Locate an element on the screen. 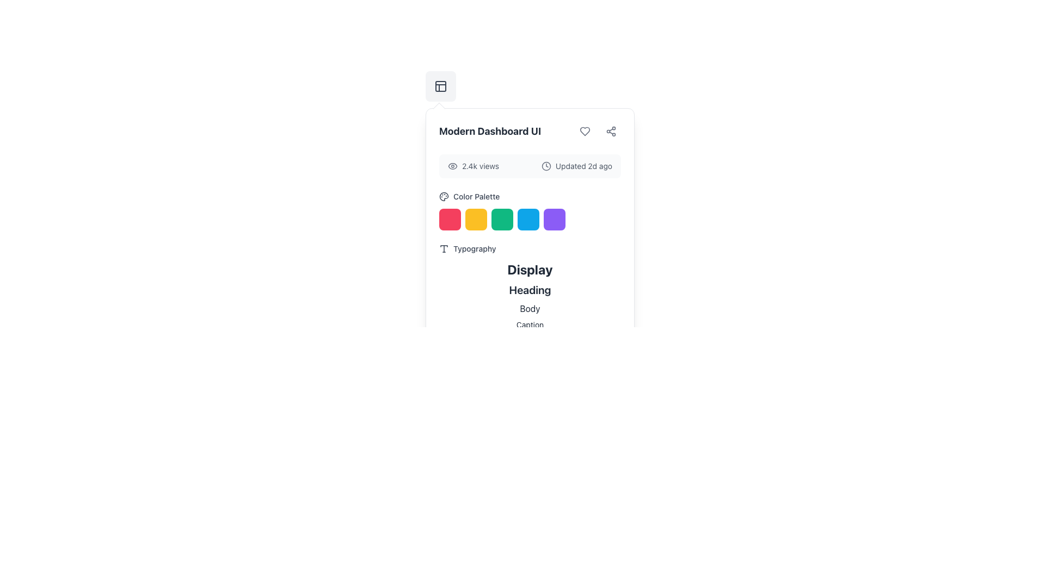 The width and height of the screenshot is (1045, 587). the small white diamond-shaped decorative component with a gray border, positioned above the 'Modern Dashboard UI' content box is located at coordinates (439, 109).